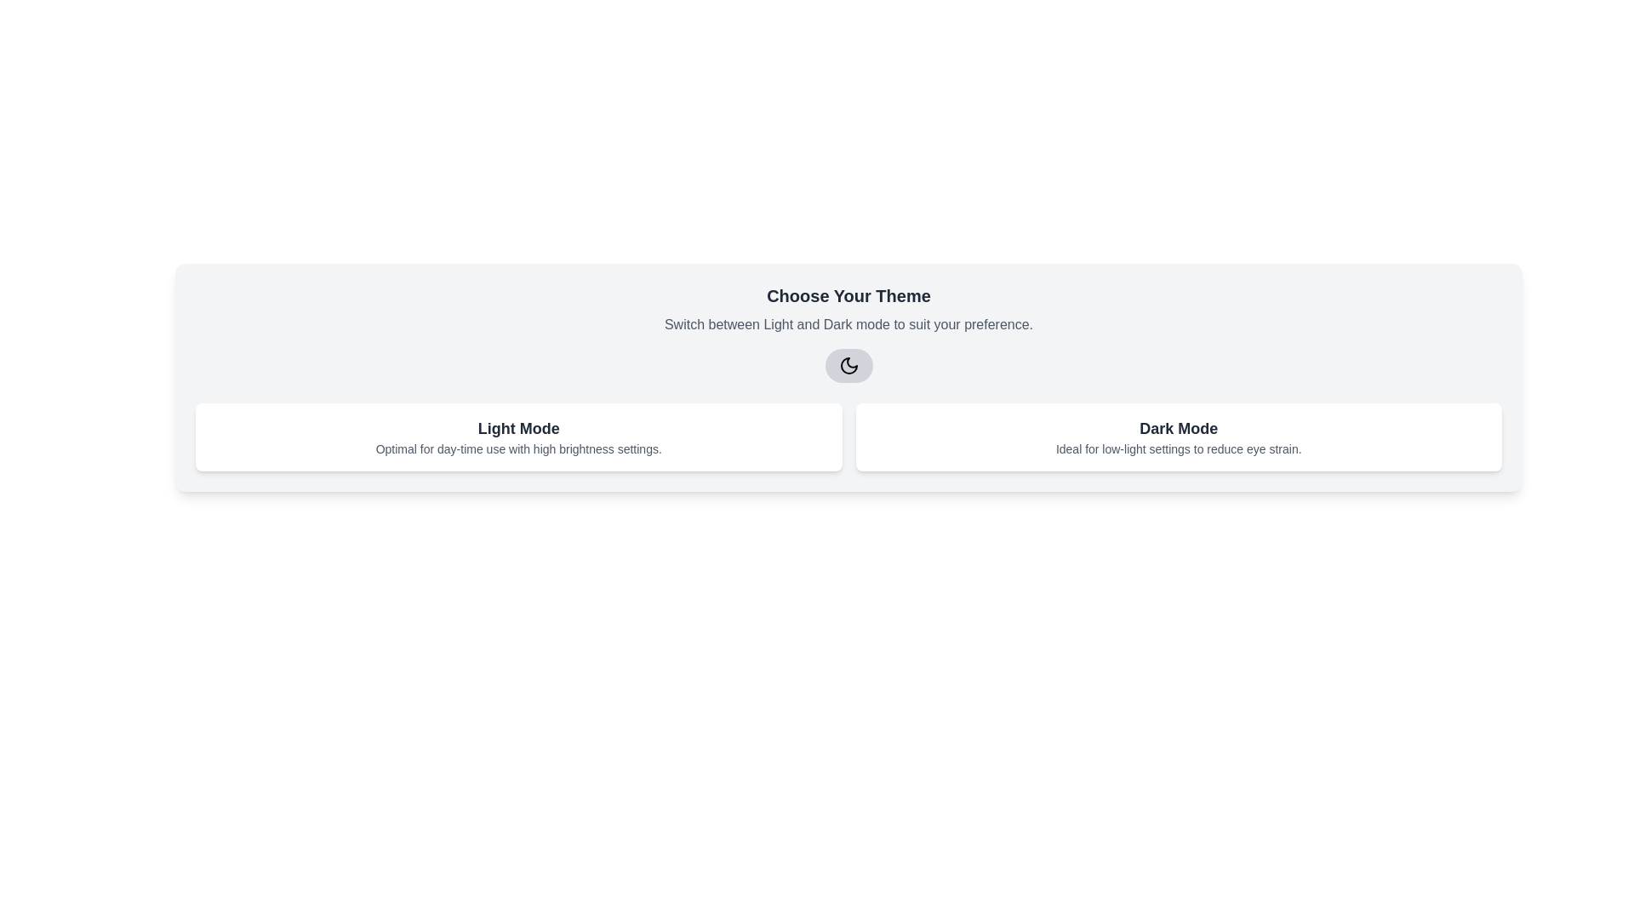 Image resolution: width=1634 pixels, height=919 pixels. Describe the element at coordinates (848, 436) in the screenshot. I see `the 'Light Mode' and 'Dark Mode' options in the informational grid layout to trigger interactions` at that location.